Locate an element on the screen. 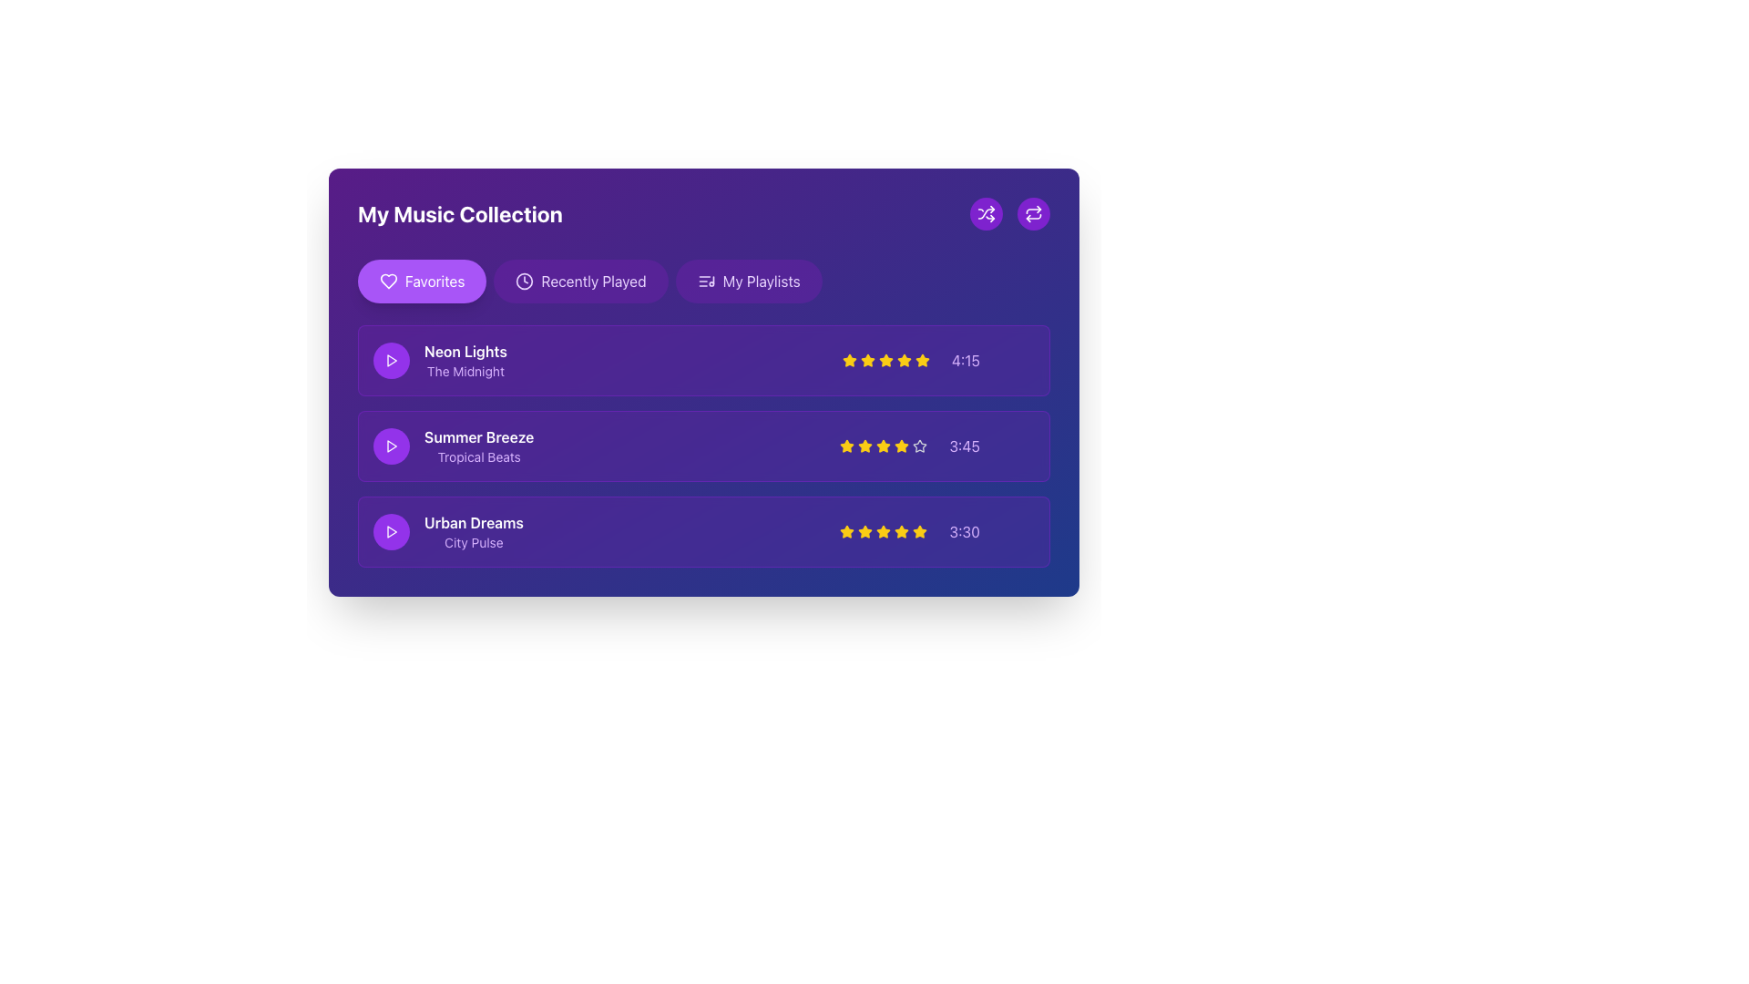 Image resolution: width=1749 pixels, height=984 pixels. the heart-shaped icon filled with purple color located within the 'Favorites' button in the music collection interface by moving the cursor to its center point is located at coordinates (388, 281).